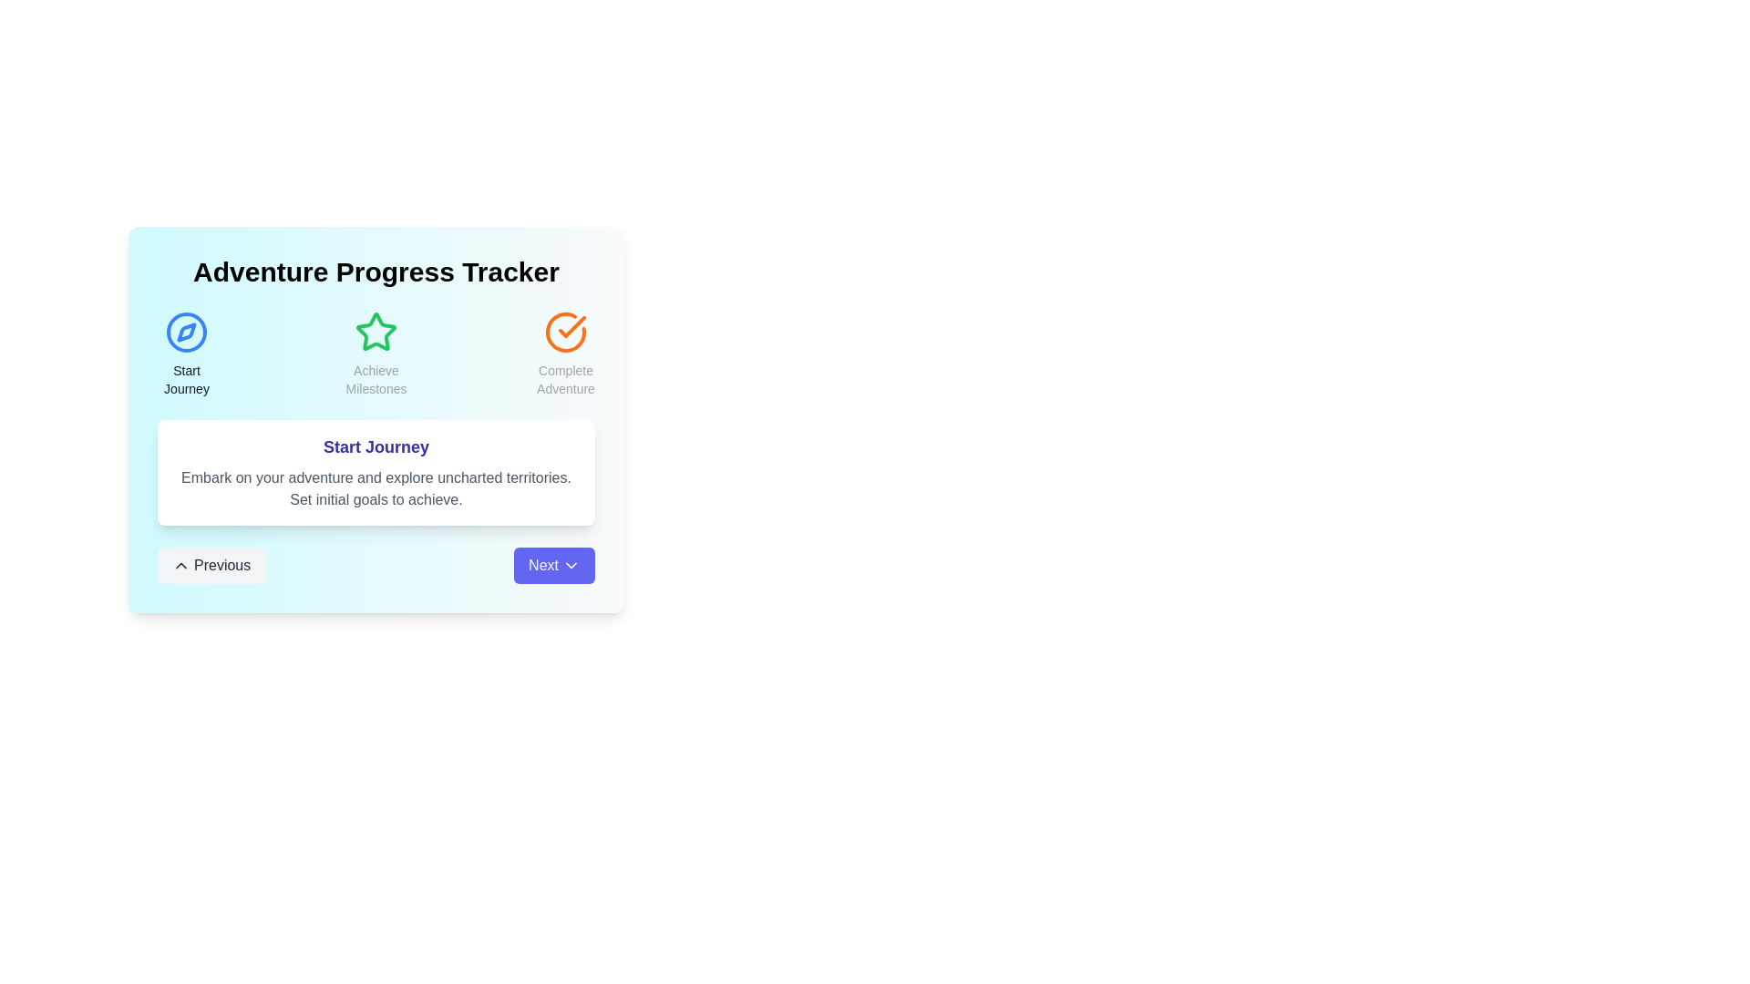  Describe the element at coordinates (211, 565) in the screenshot. I see `'Previous' button to navigate to the previous step` at that location.